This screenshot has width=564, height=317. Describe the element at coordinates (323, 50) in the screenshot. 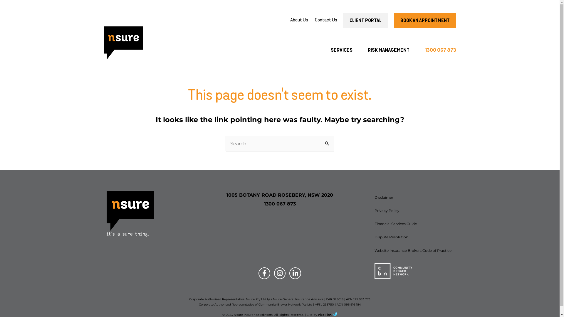

I see `'SERVICES'` at that location.